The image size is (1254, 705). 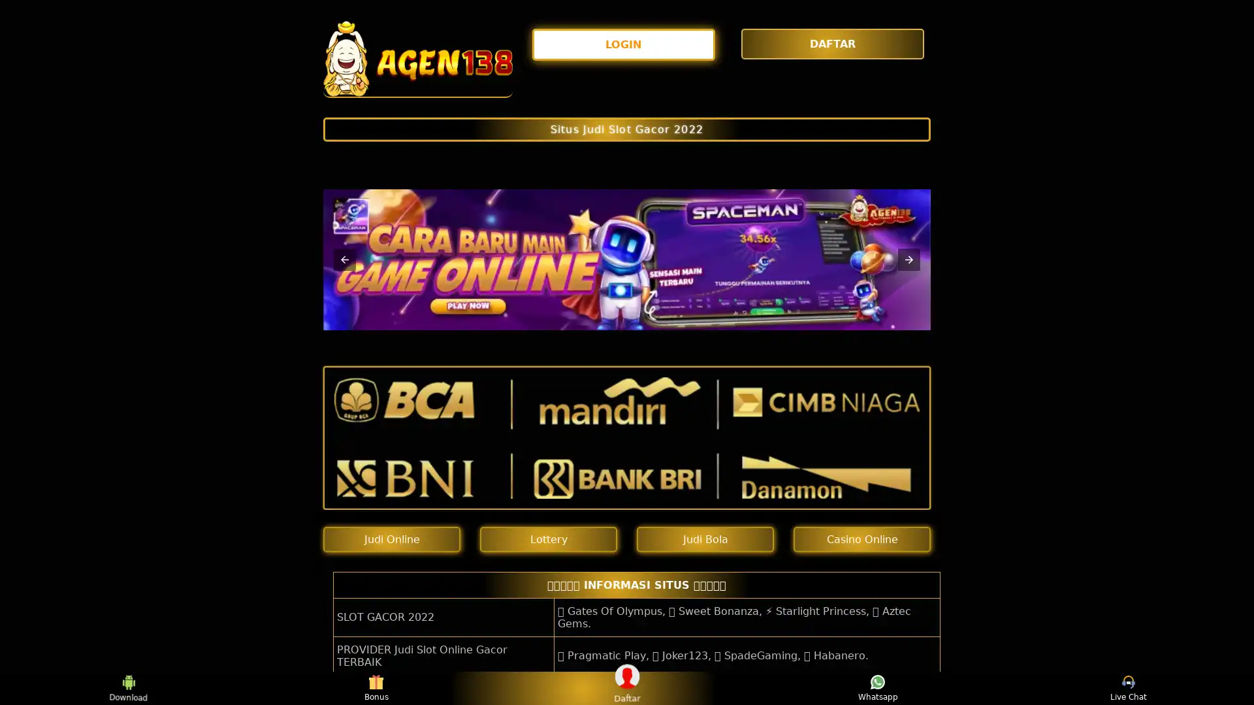 I want to click on Previous item in carousel (1 of 3), so click(x=345, y=259).